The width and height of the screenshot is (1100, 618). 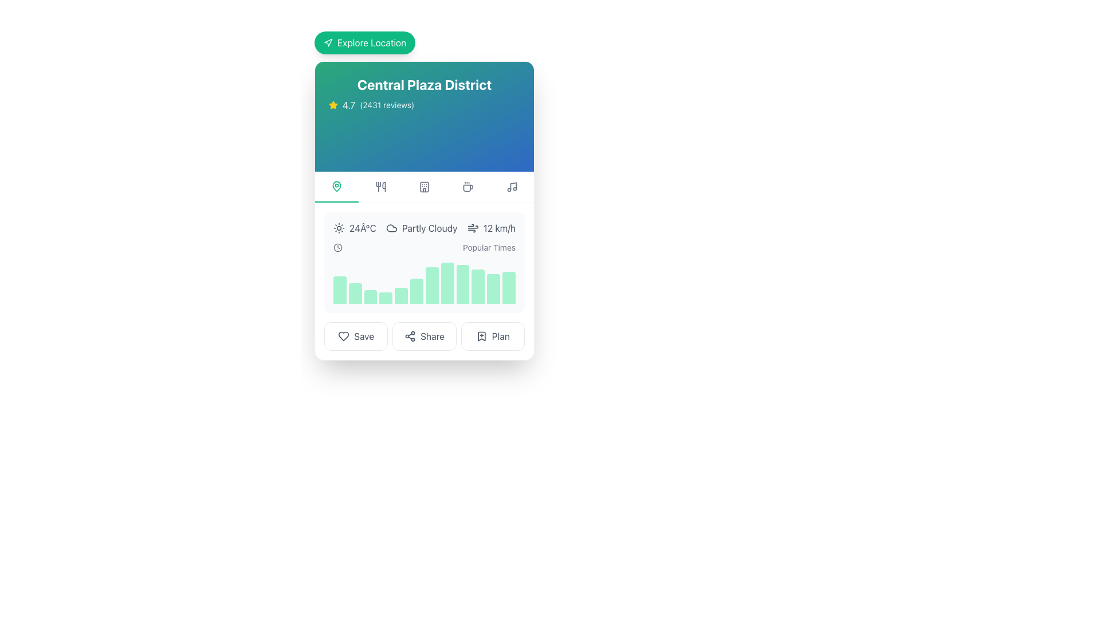 I want to click on the icon resembling three connected circles in a triangular arrangement located inside the 'Share' button, so click(x=410, y=335).